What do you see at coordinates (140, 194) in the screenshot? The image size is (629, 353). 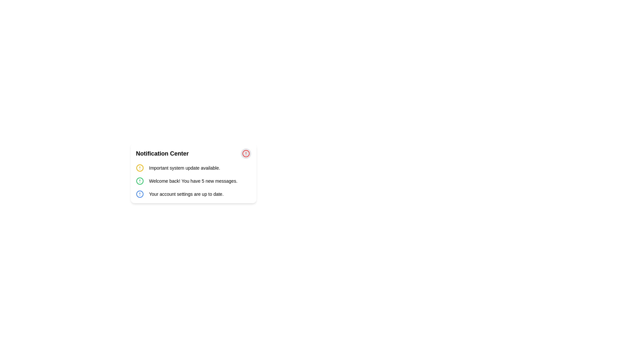 I see `the blue circular icon with a centered exclamation mark, which appears as a notification symbol to the left of the text 'Your account settings are up to date.'` at bounding box center [140, 194].